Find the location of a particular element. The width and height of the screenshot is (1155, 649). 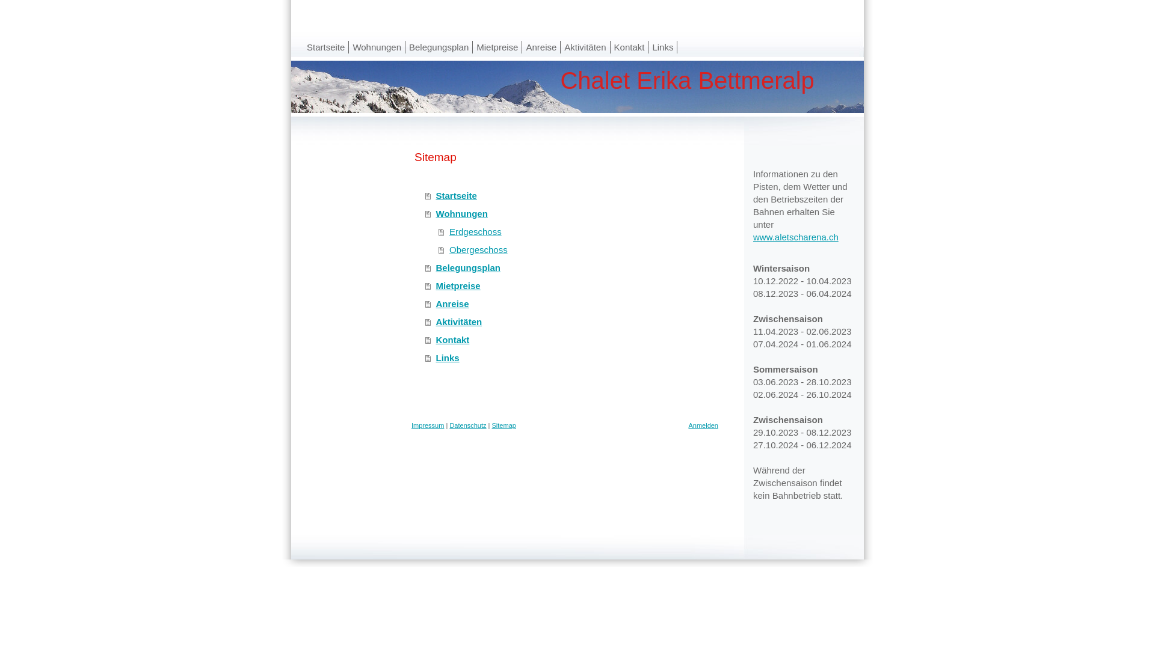

'Impressum' is located at coordinates (411, 425).